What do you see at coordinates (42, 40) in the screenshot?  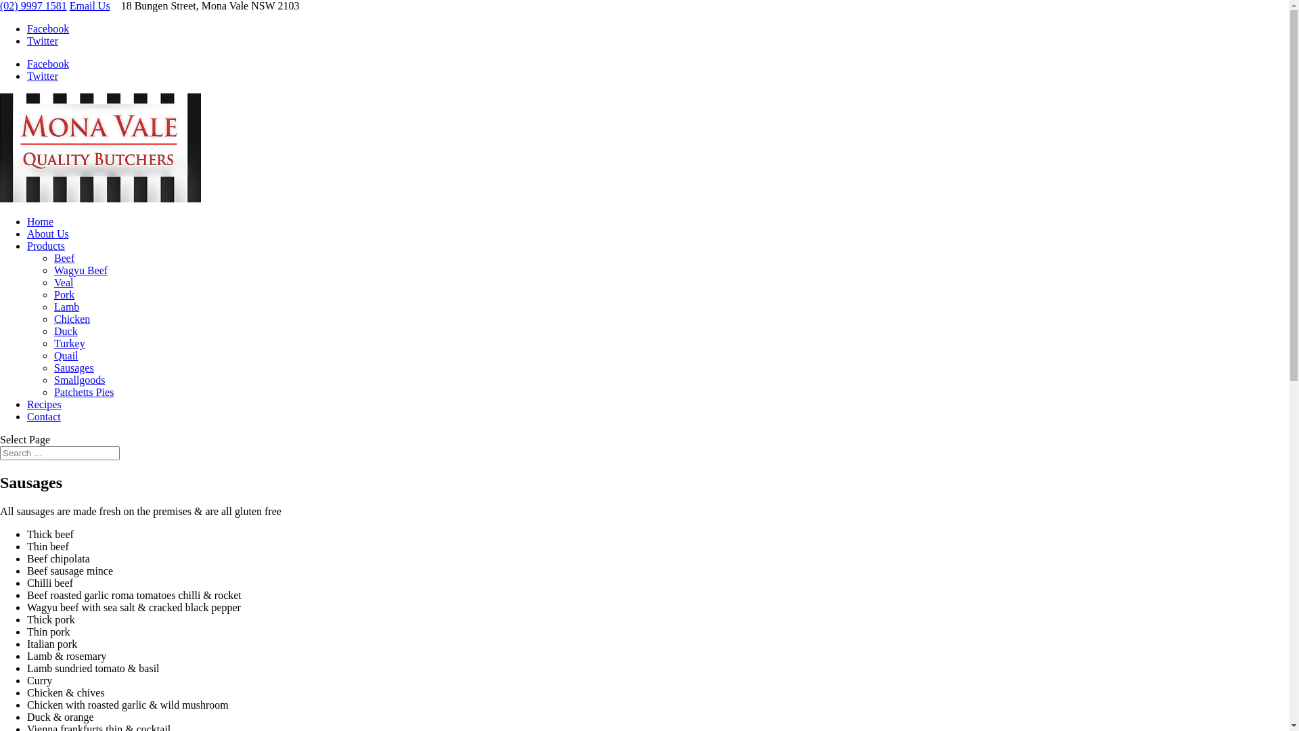 I see `'Twitter'` at bounding box center [42, 40].